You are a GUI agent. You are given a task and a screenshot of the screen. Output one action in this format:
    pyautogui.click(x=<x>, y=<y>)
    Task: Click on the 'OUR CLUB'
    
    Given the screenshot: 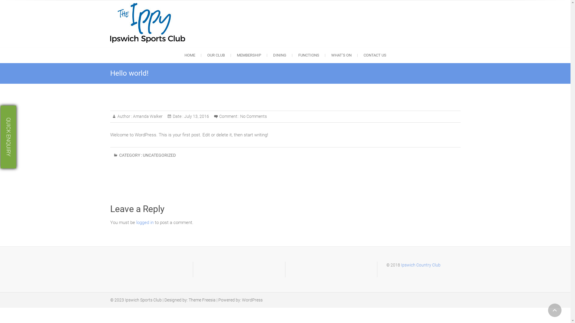 What is the action you would take?
    pyautogui.click(x=216, y=55)
    